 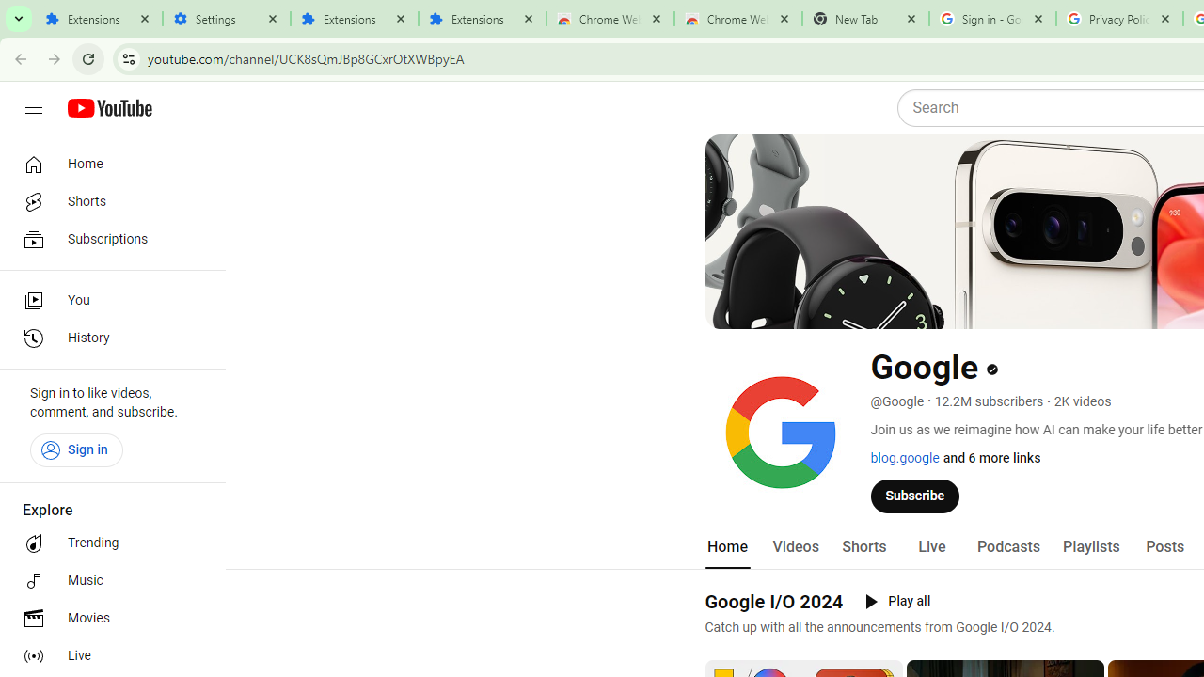 I want to click on 'Trending', so click(x=105, y=543).